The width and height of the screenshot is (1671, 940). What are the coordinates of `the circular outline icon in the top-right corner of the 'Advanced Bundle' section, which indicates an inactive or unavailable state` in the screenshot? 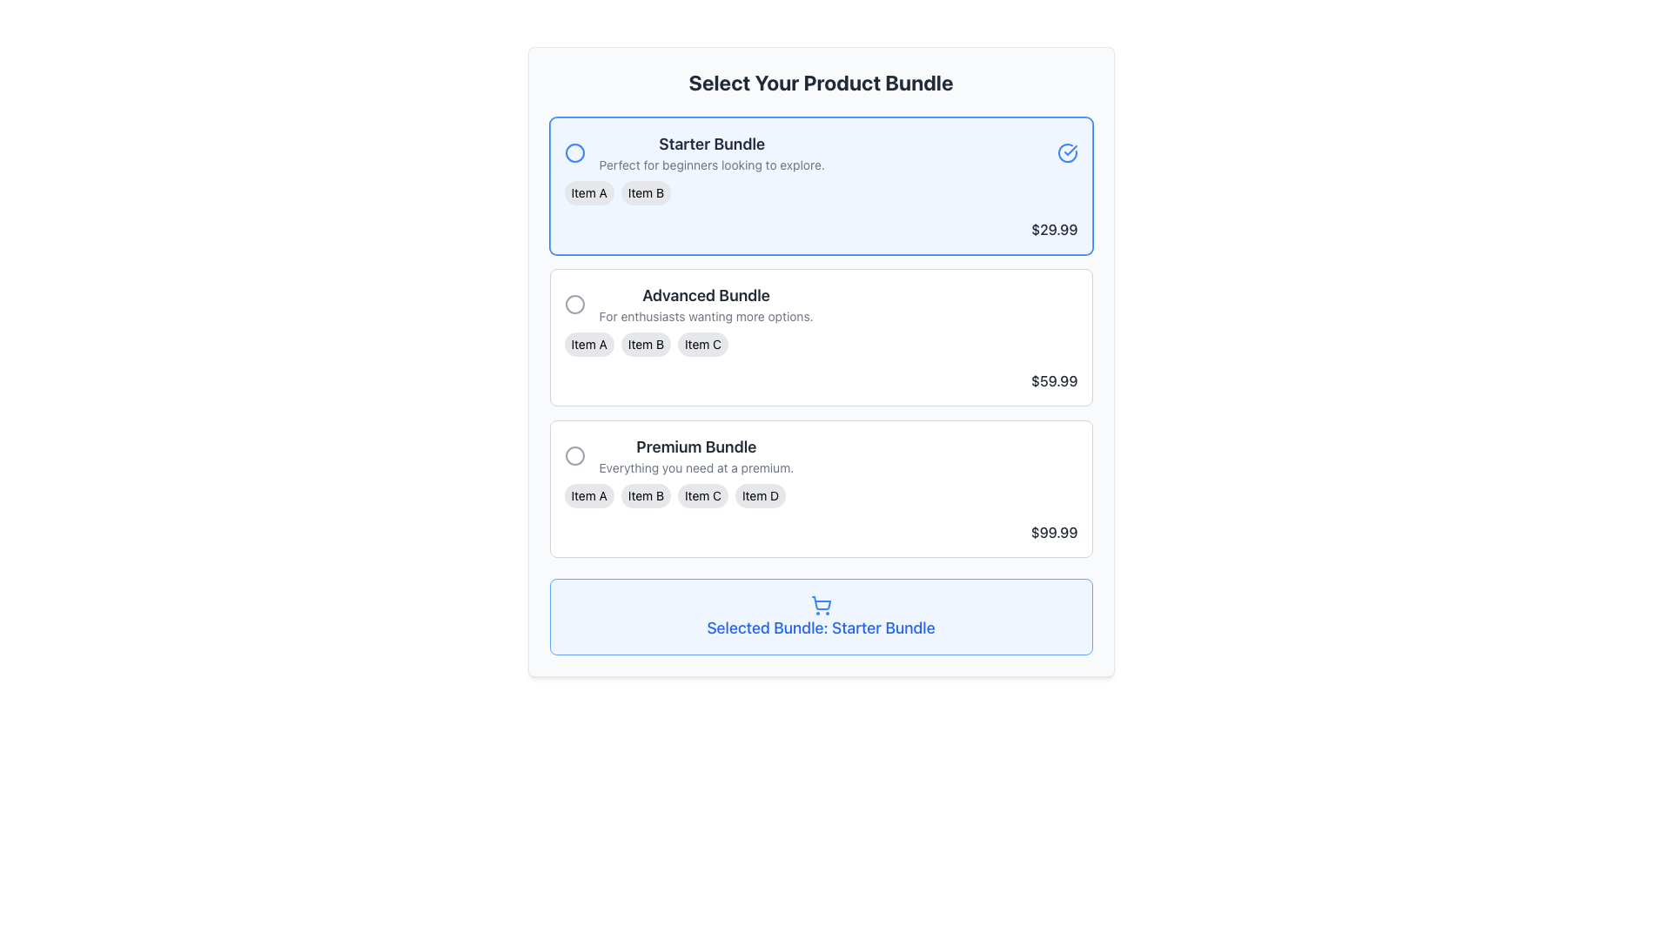 It's located at (574, 304).